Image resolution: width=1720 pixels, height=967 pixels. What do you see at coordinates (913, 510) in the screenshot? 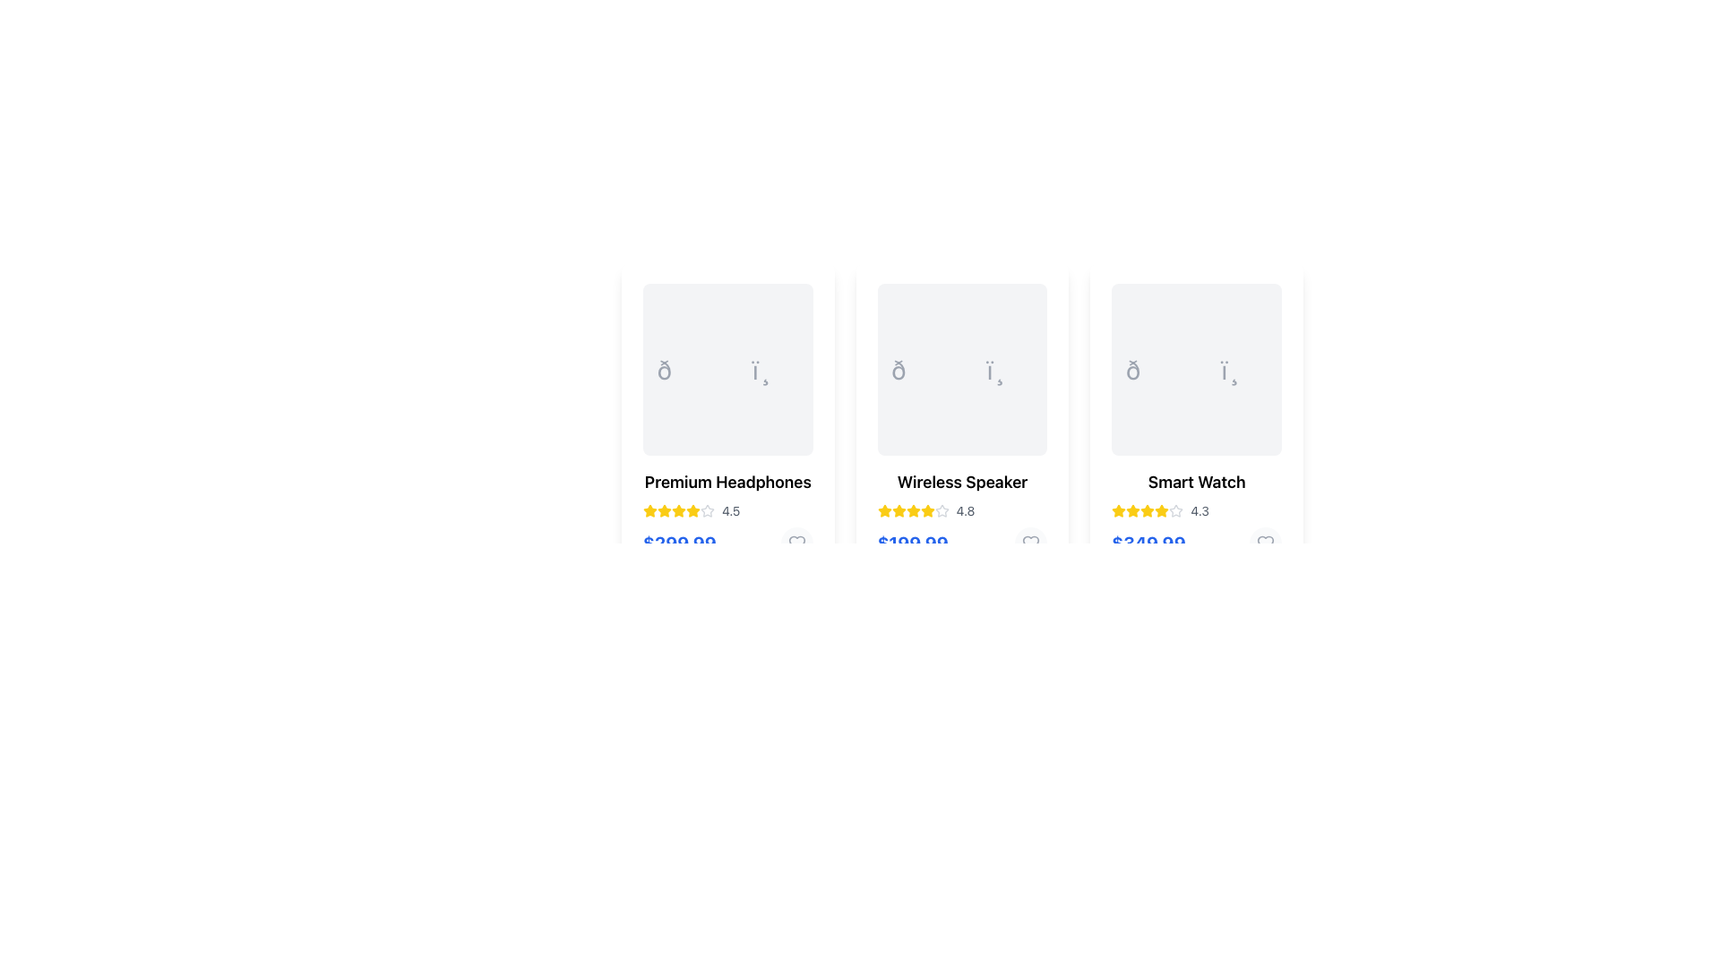
I see `the visual state of the small yellow star icon located in the rating section of the second product card in the grid layout, positioned under the product's name and above the price` at bounding box center [913, 510].